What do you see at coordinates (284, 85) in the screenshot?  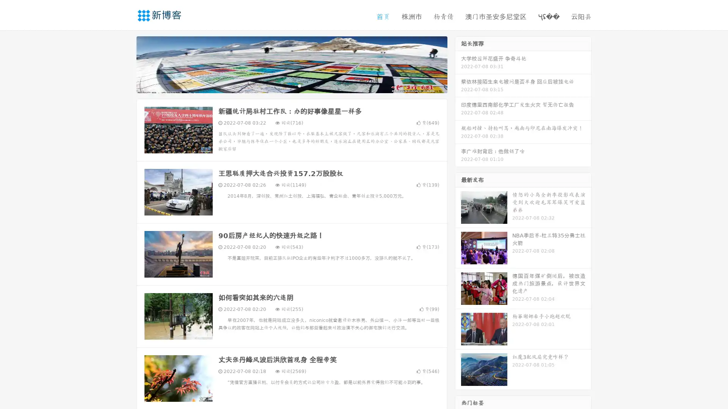 I see `Go to slide 1` at bounding box center [284, 85].